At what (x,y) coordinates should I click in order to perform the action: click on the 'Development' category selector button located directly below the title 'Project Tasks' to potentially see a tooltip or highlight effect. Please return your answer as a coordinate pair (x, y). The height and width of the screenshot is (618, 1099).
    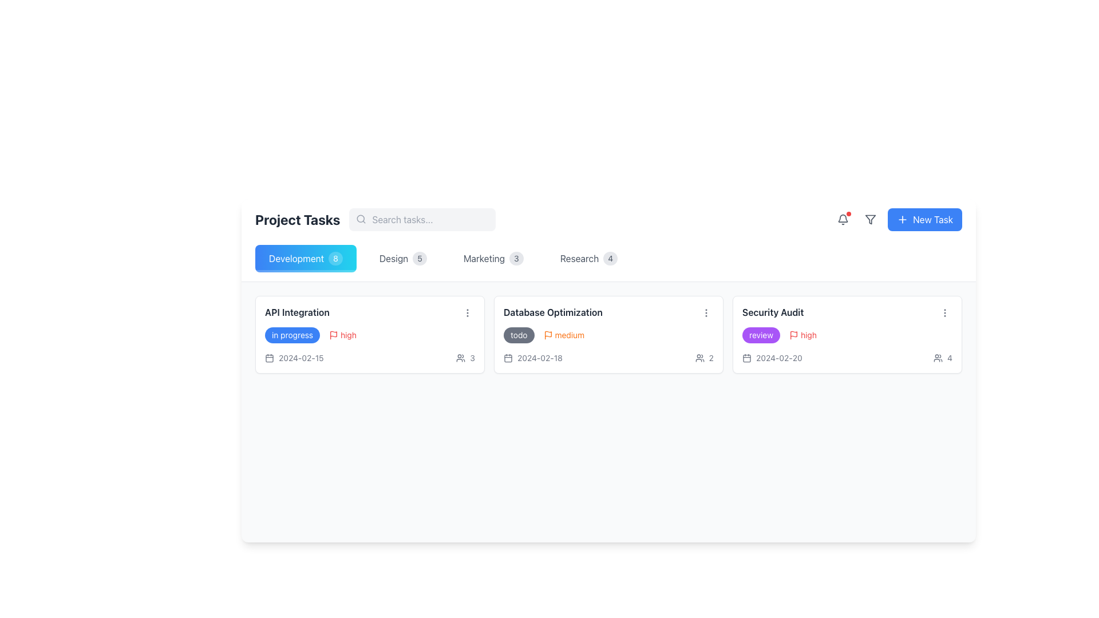
    Looking at the image, I should click on (306, 258).